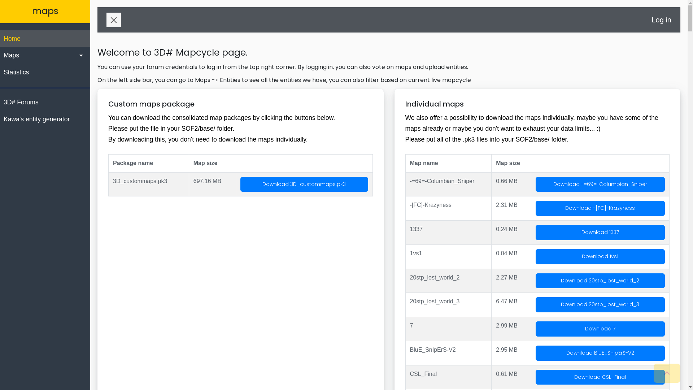 The height and width of the screenshot is (390, 693). Describe the element at coordinates (651, 19) in the screenshot. I see `'Log in'` at that location.